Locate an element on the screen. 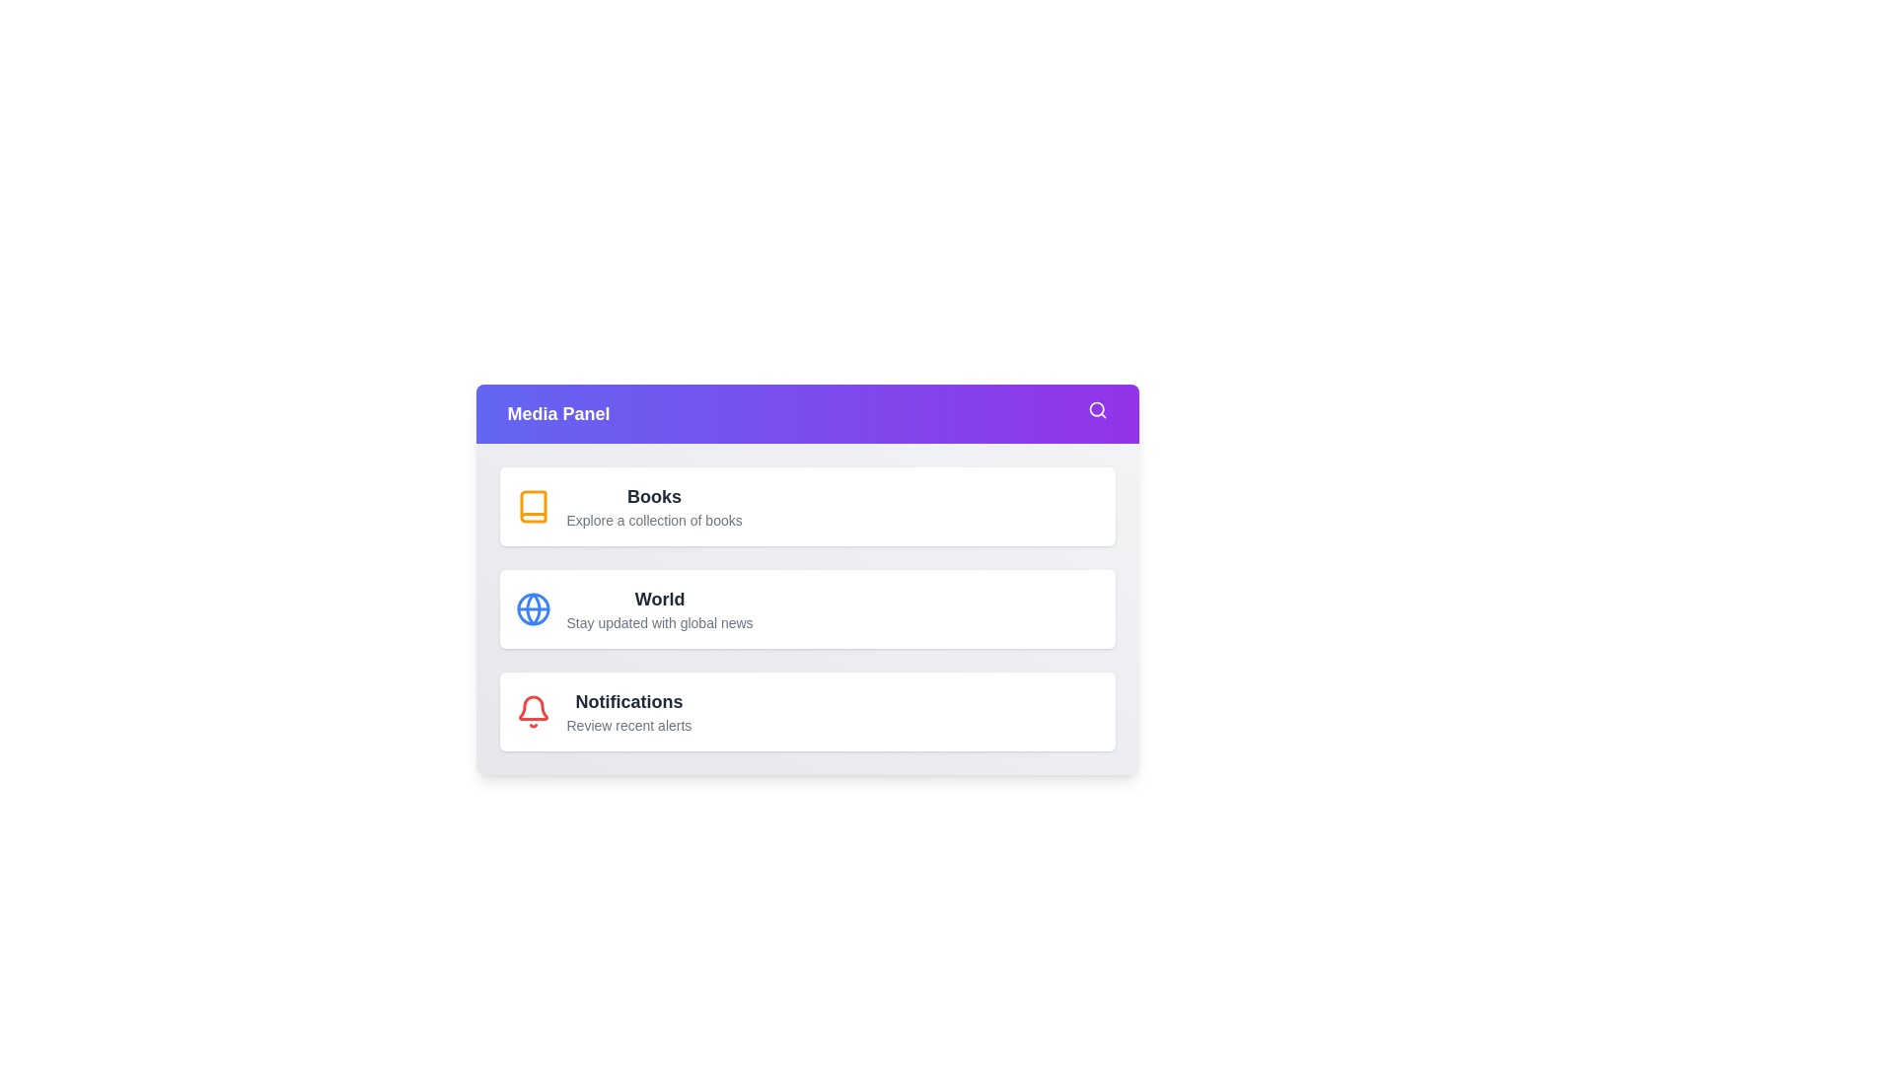 This screenshot has height=1065, width=1894. the menu option Notifications to view its highlight is located at coordinates (533, 711).